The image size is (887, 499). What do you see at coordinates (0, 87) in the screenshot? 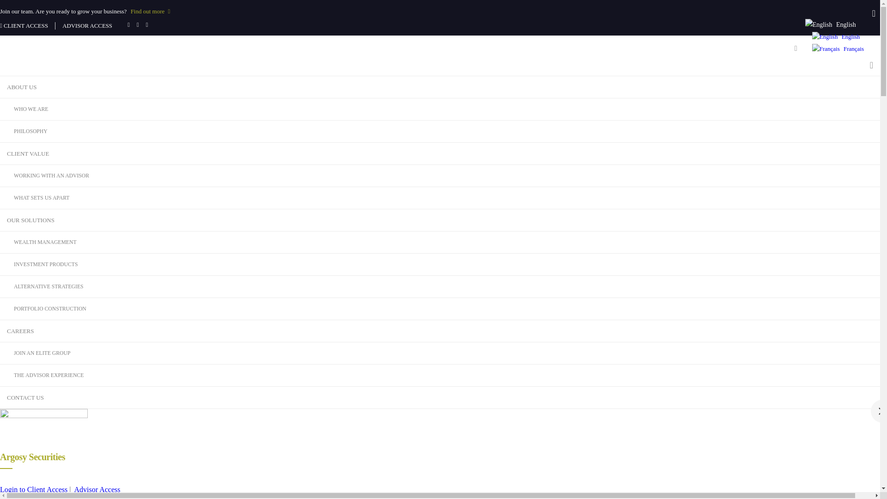
I see `'ABOUT US'` at bounding box center [0, 87].